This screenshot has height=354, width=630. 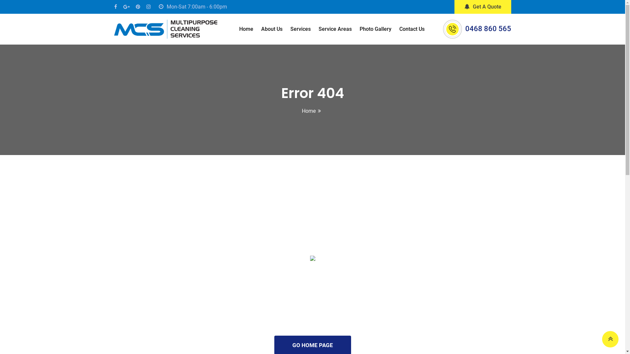 I want to click on 'Contact Us', so click(x=411, y=29).